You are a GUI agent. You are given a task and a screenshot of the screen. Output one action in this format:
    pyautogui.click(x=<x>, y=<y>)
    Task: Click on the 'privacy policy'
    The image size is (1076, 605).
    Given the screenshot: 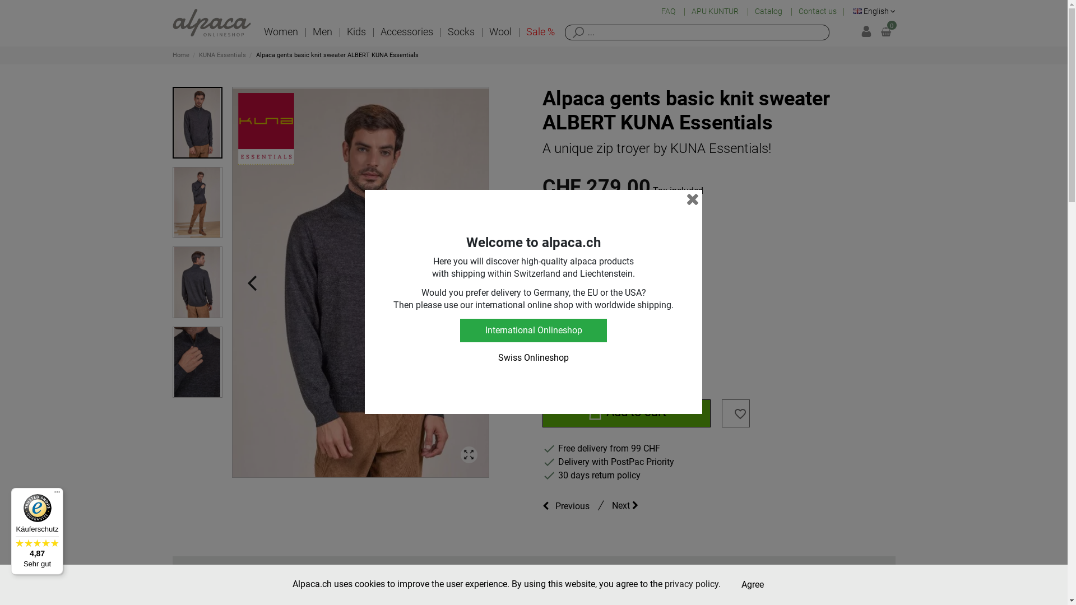 What is the action you would take?
    pyautogui.click(x=664, y=583)
    